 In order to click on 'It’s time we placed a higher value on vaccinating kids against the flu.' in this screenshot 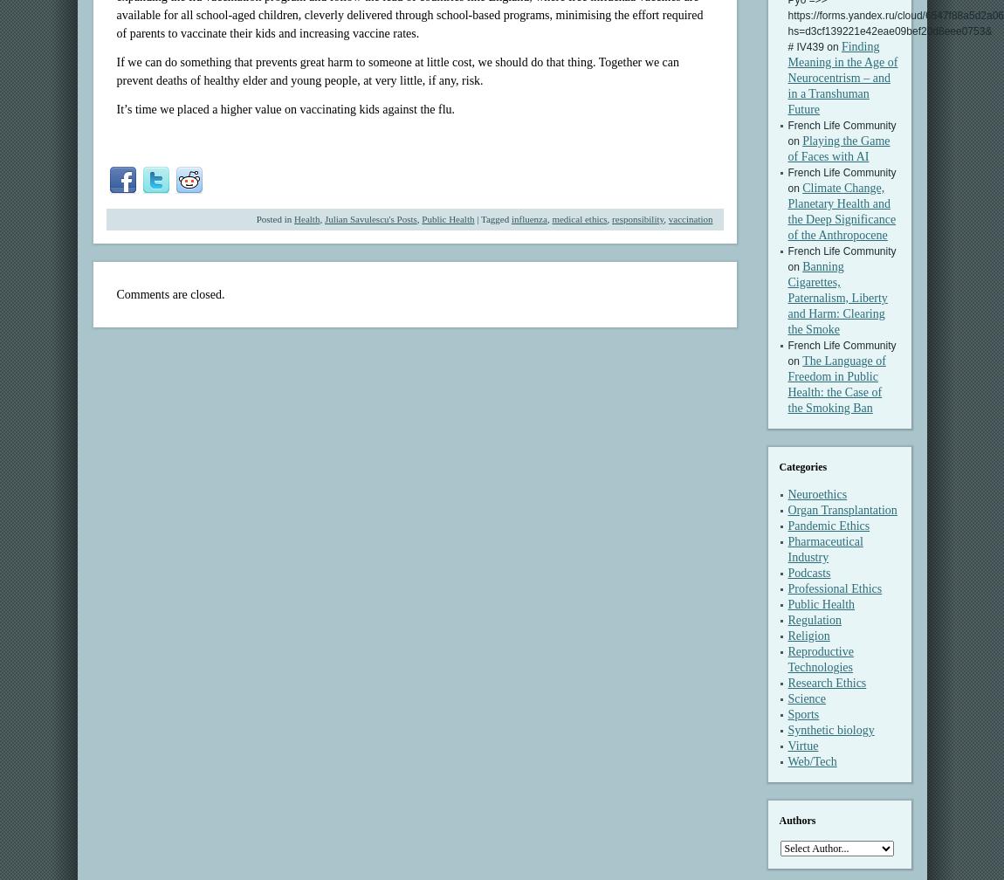, I will do `click(115, 109)`.